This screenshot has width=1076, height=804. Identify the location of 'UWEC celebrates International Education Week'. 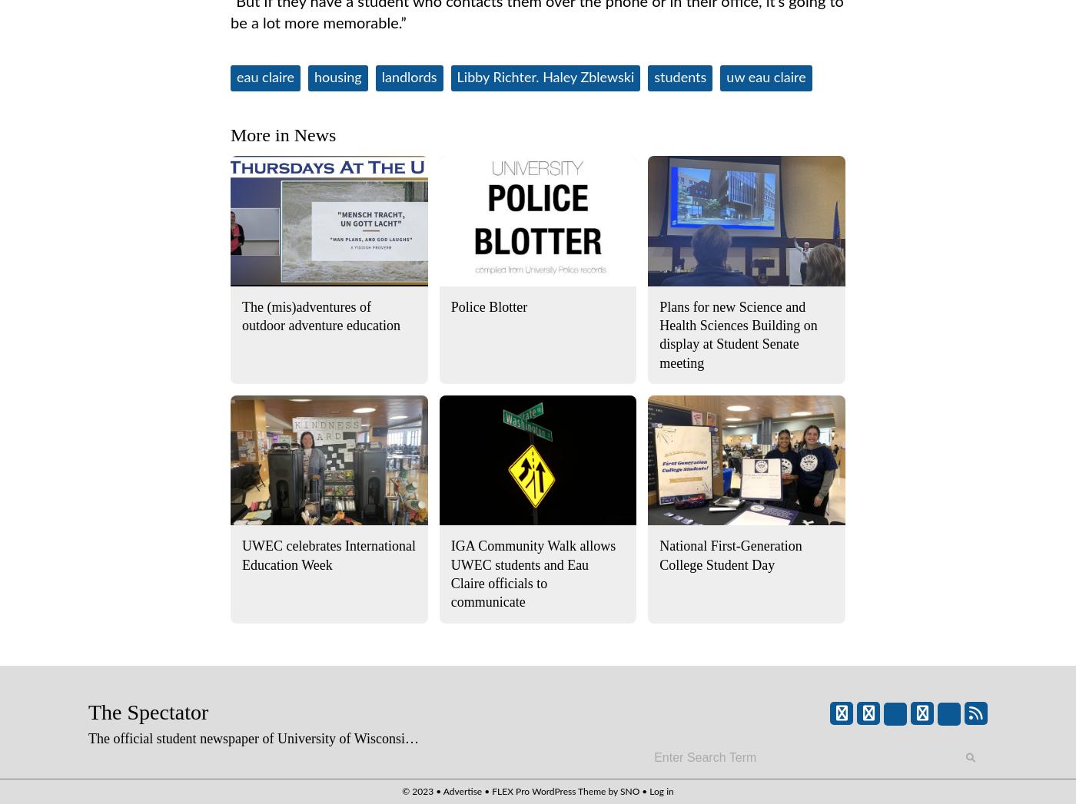
(328, 554).